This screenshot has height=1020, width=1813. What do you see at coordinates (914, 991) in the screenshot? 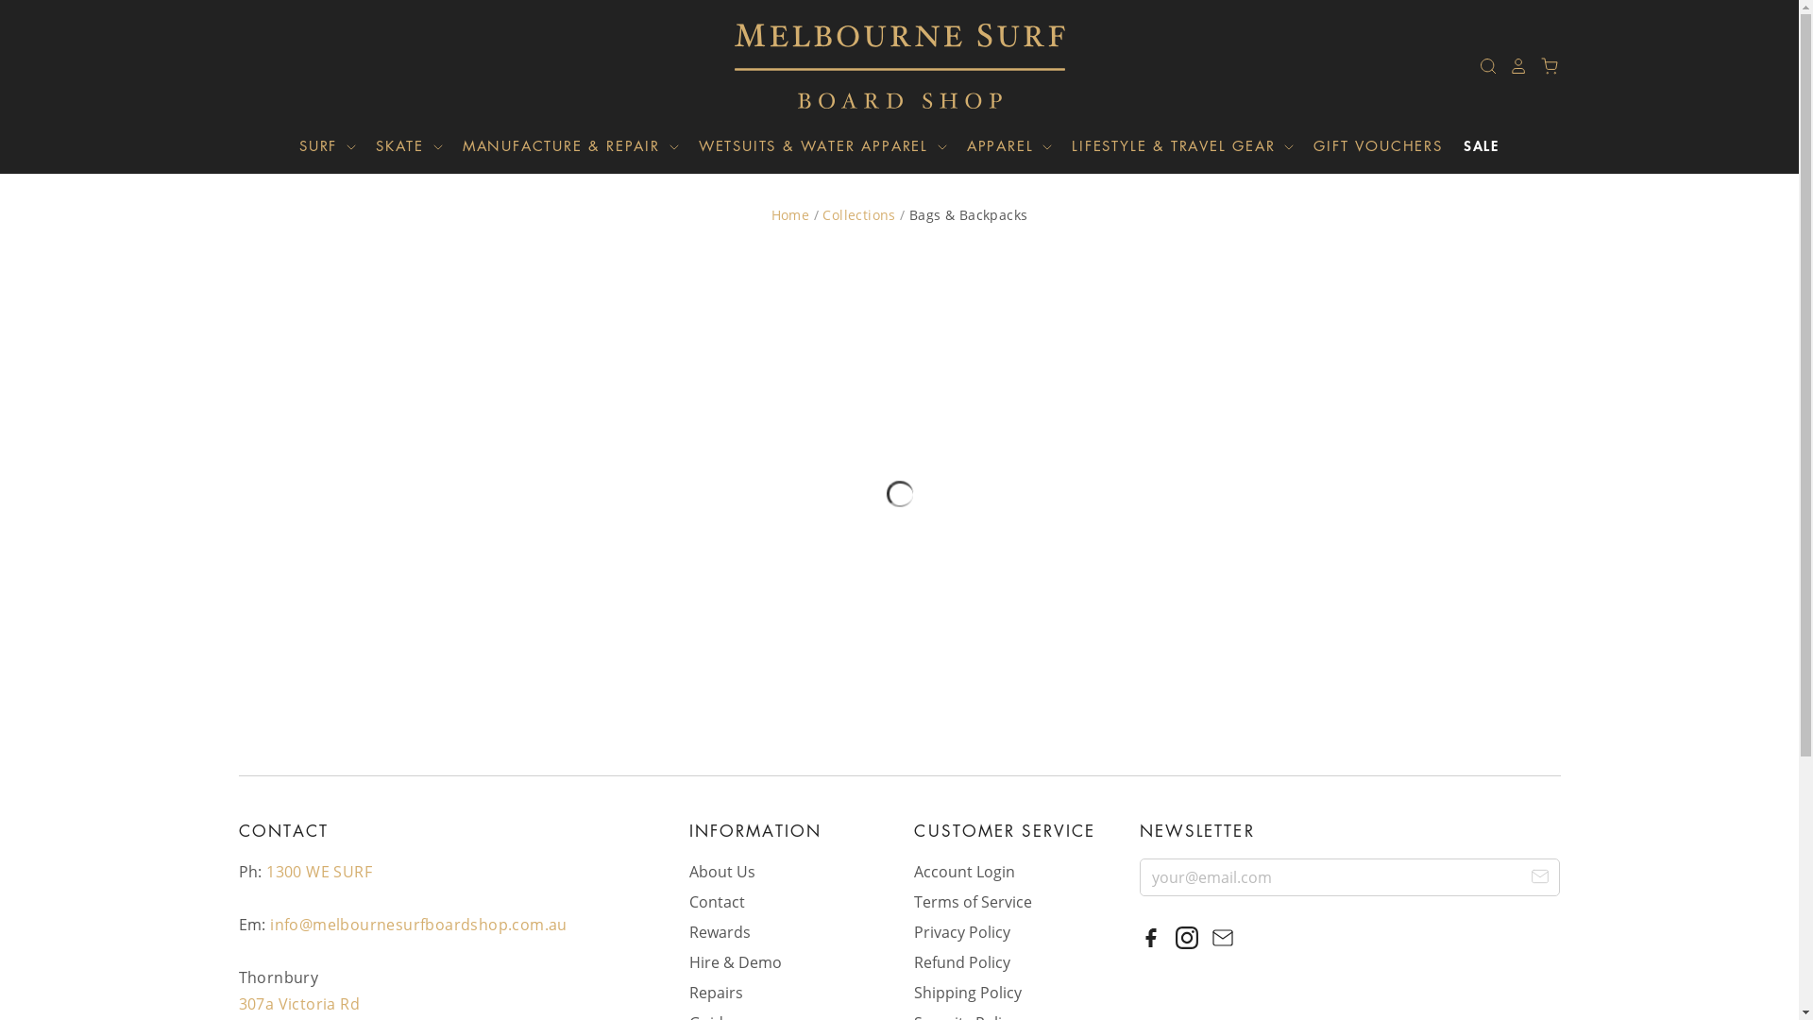
I see `'Shipping Policy'` at bounding box center [914, 991].